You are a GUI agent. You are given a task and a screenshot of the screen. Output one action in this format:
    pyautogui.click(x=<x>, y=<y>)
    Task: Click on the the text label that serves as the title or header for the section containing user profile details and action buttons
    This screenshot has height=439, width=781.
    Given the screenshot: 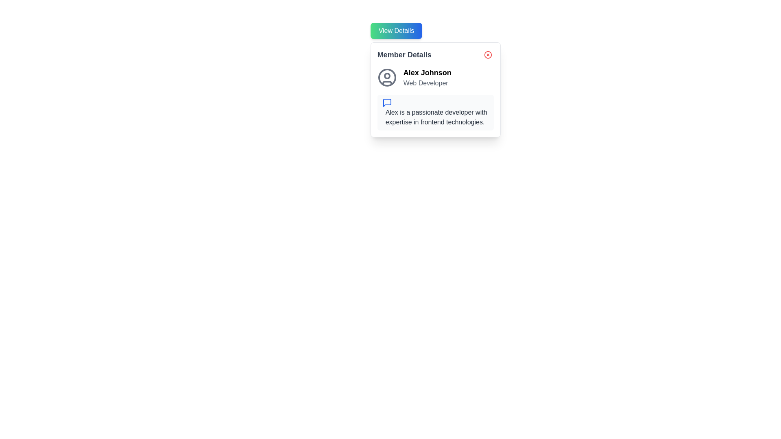 What is the action you would take?
    pyautogui.click(x=404, y=55)
    